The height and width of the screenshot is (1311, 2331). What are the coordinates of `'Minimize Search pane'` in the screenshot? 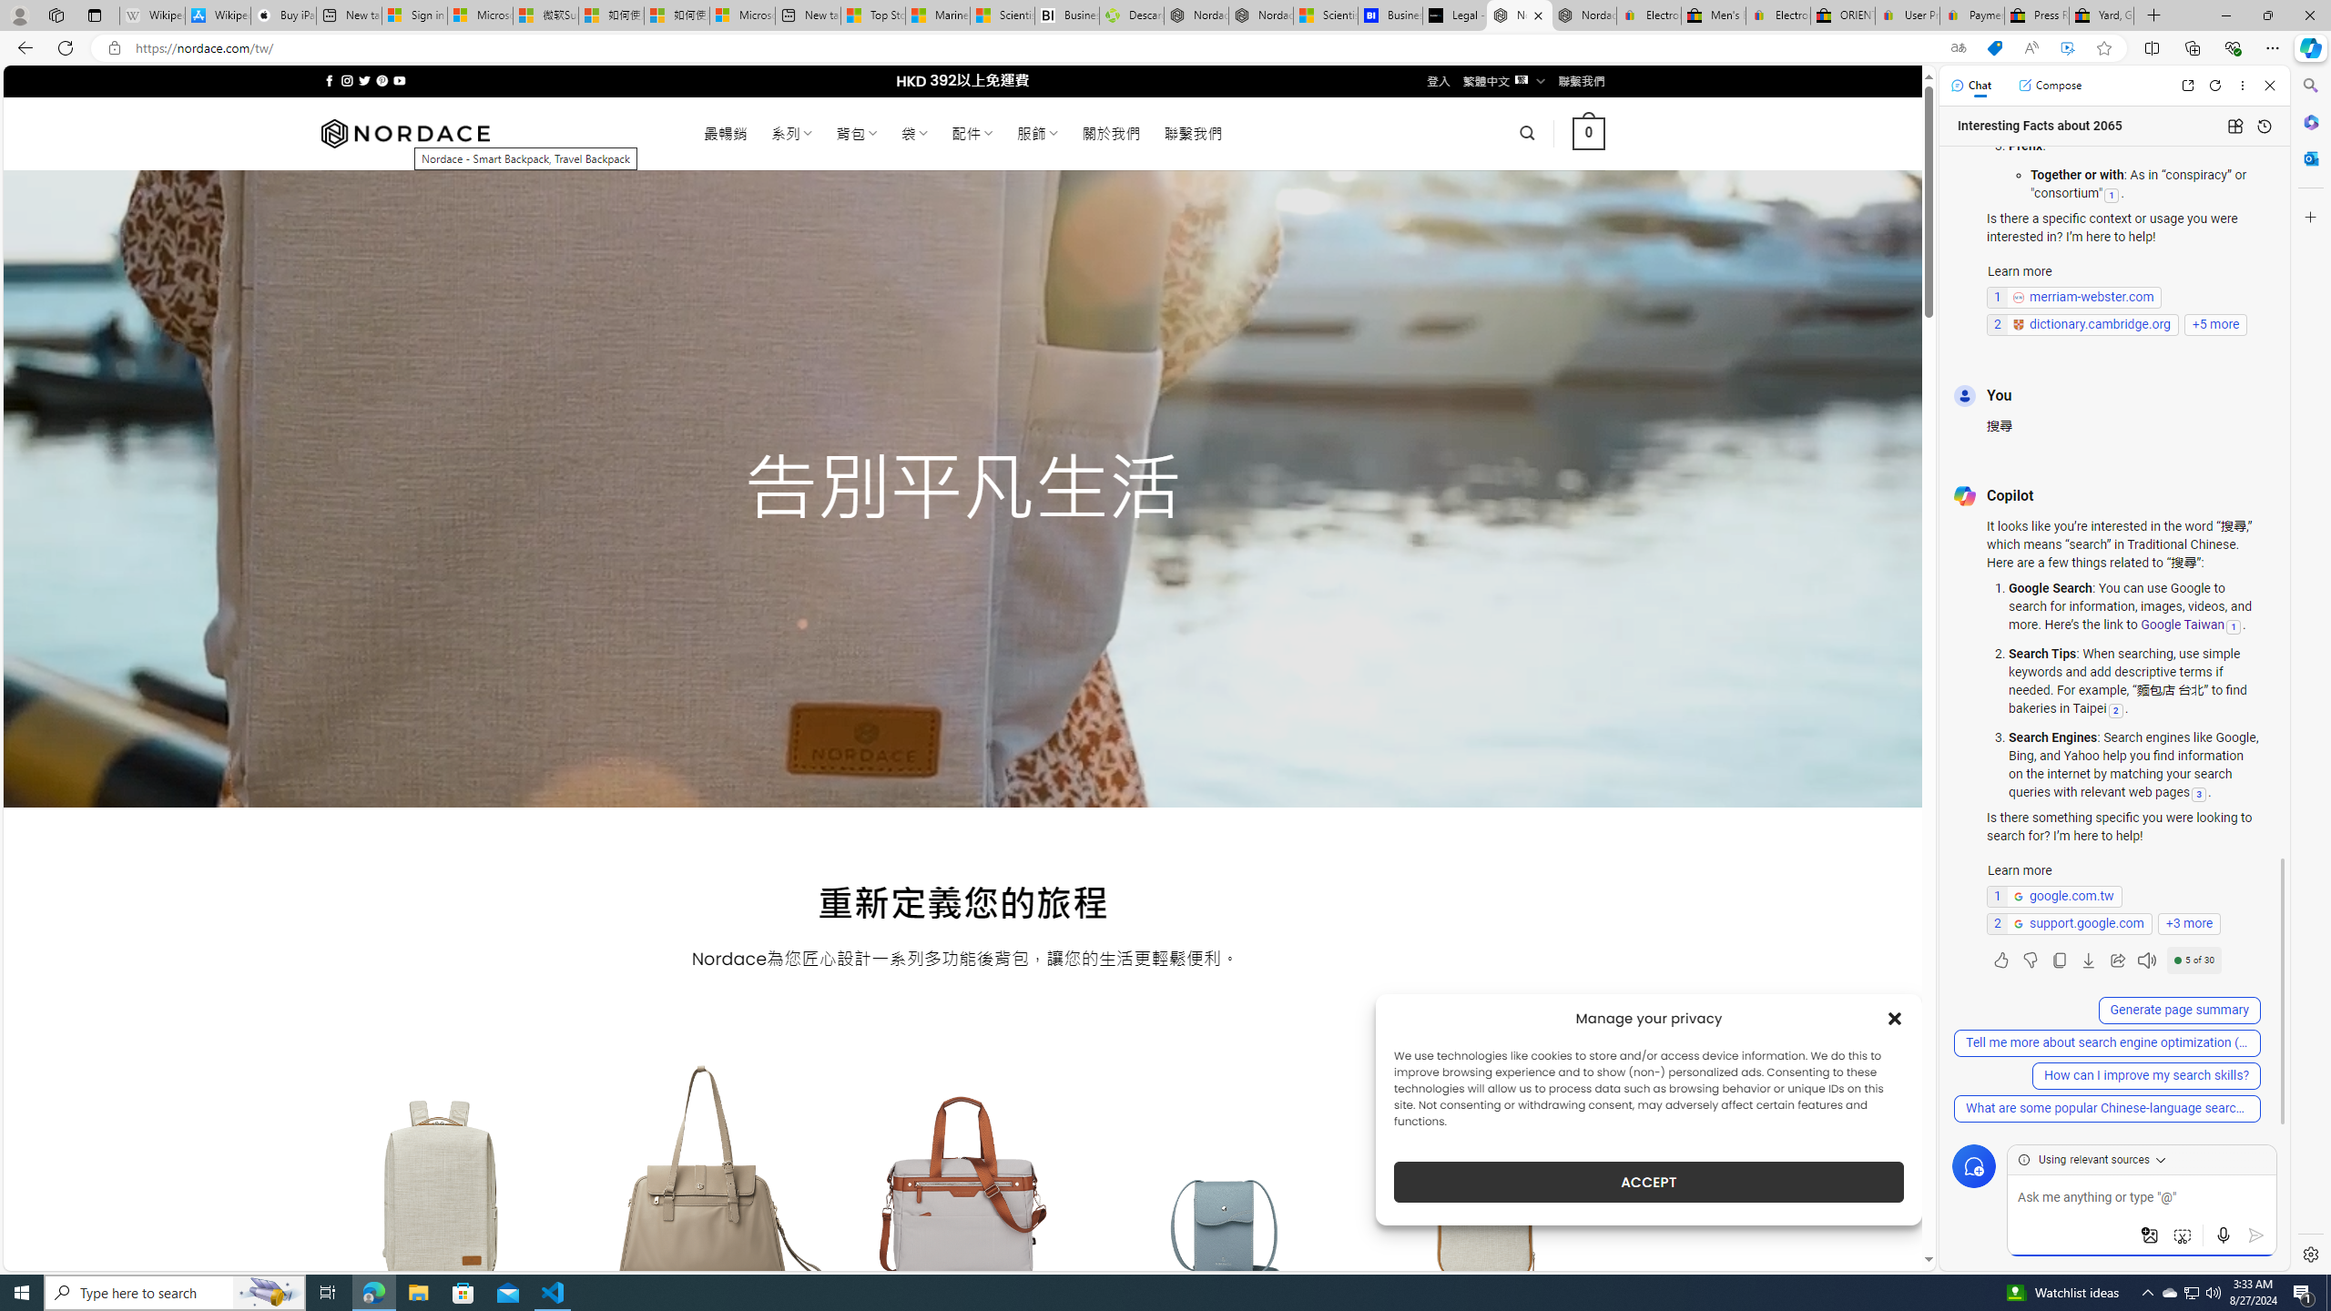 It's located at (2308, 85).